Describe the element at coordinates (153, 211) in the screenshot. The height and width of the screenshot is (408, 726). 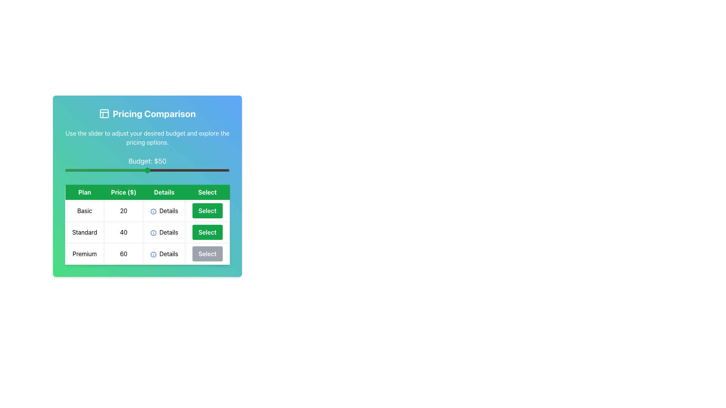
I see `the icon in the 'Details' column of the pricing table under the 'Basic' row to potentially display additional information or details` at that location.